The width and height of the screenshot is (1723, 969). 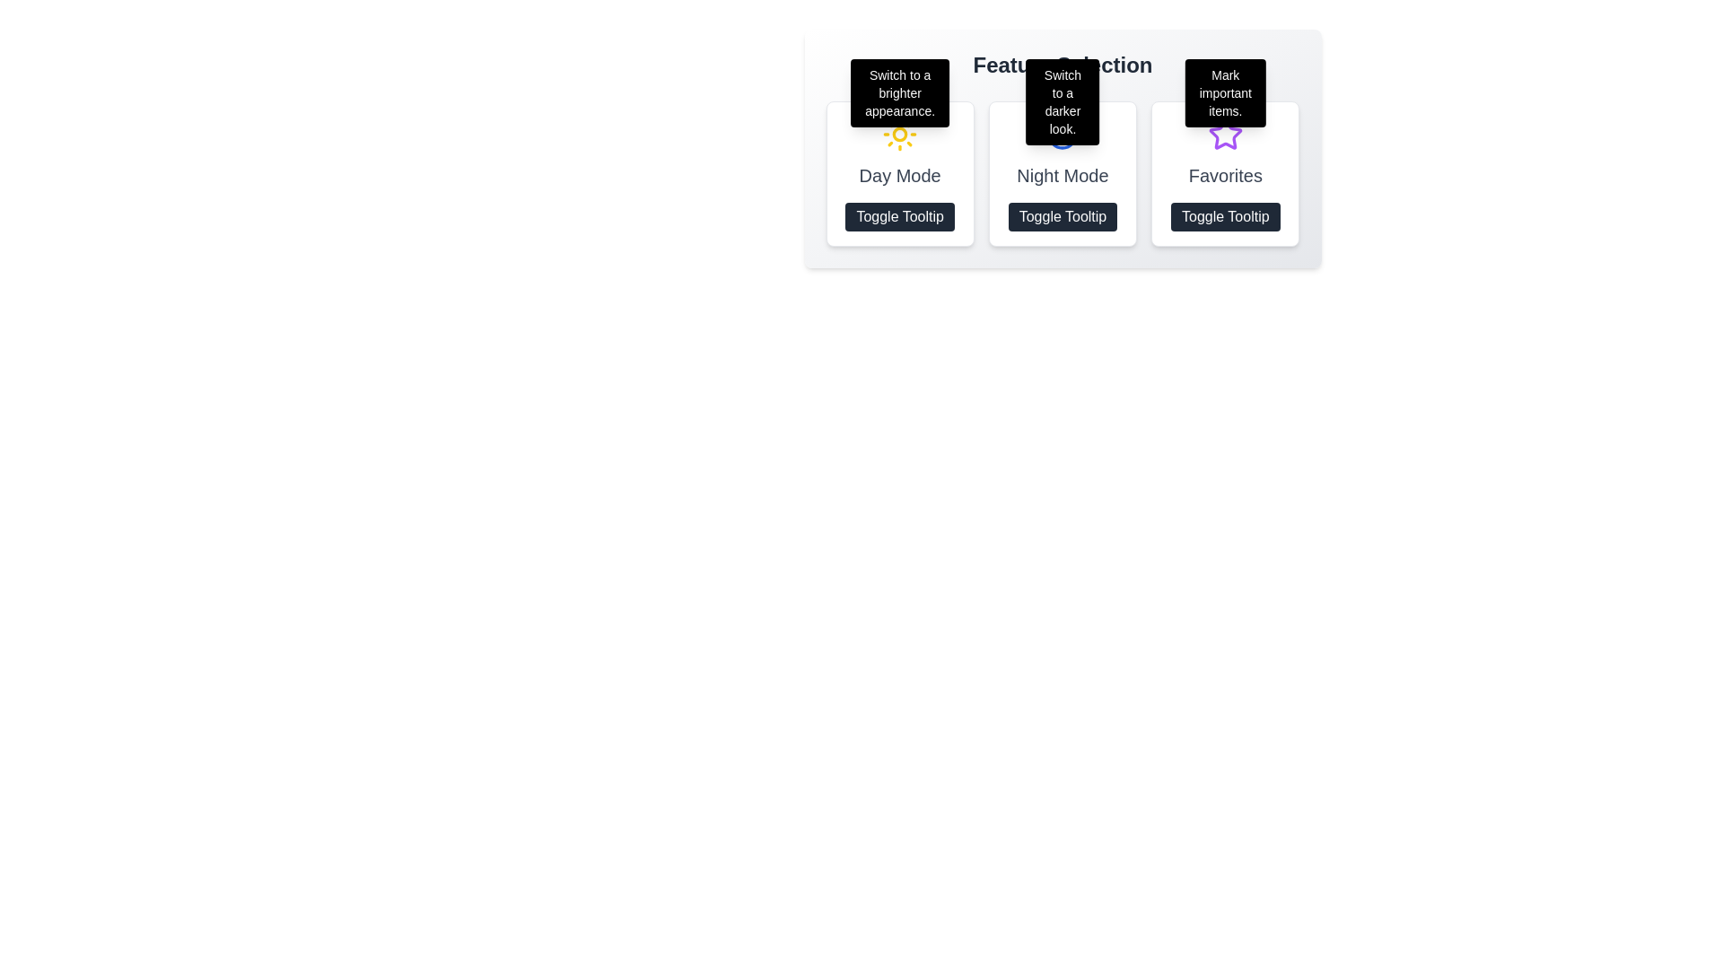 What do you see at coordinates (900, 93) in the screenshot?
I see `the tooltip with the text 'Switch to a brighter appearance.' which appears above the 'Day Mode' section in the UI` at bounding box center [900, 93].